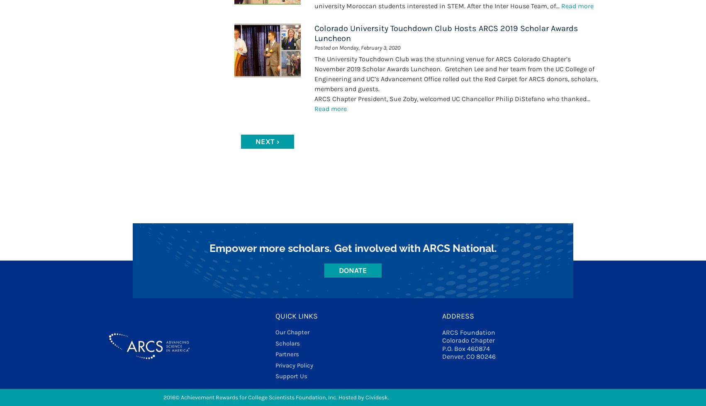 Image resolution: width=706 pixels, height=406 pixels. Describe the element at coordinates (275, 354) in the screenshot. I see `'Partners'` at that location.